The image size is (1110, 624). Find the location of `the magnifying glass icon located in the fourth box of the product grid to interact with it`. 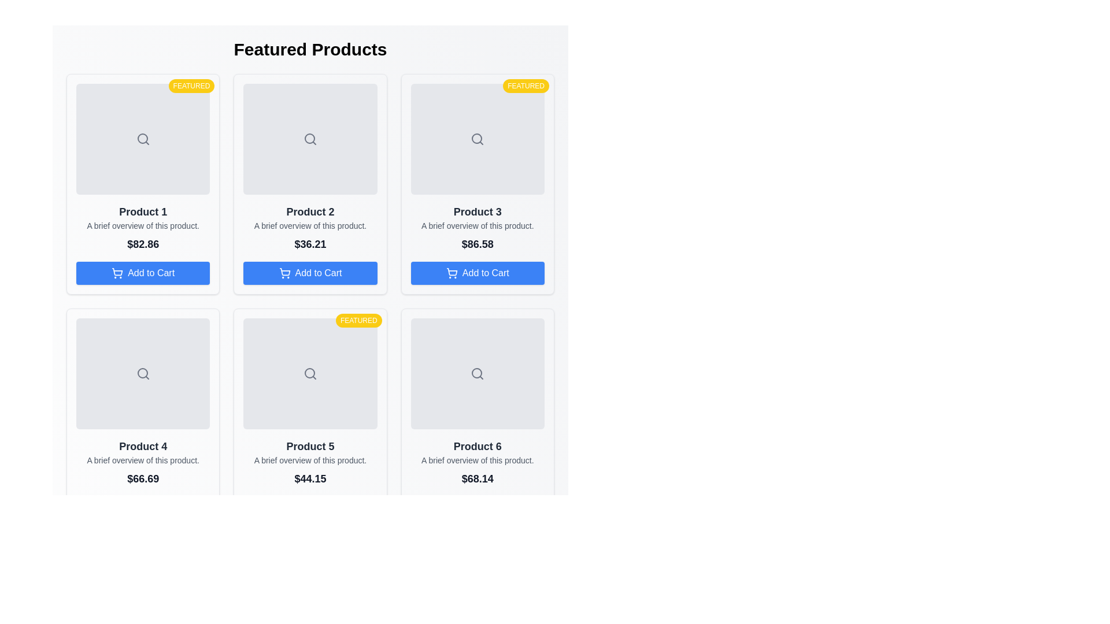

the magnifying glass icon located in the fourth box of the product grid to interact with it is located at coordinates (142, 374).